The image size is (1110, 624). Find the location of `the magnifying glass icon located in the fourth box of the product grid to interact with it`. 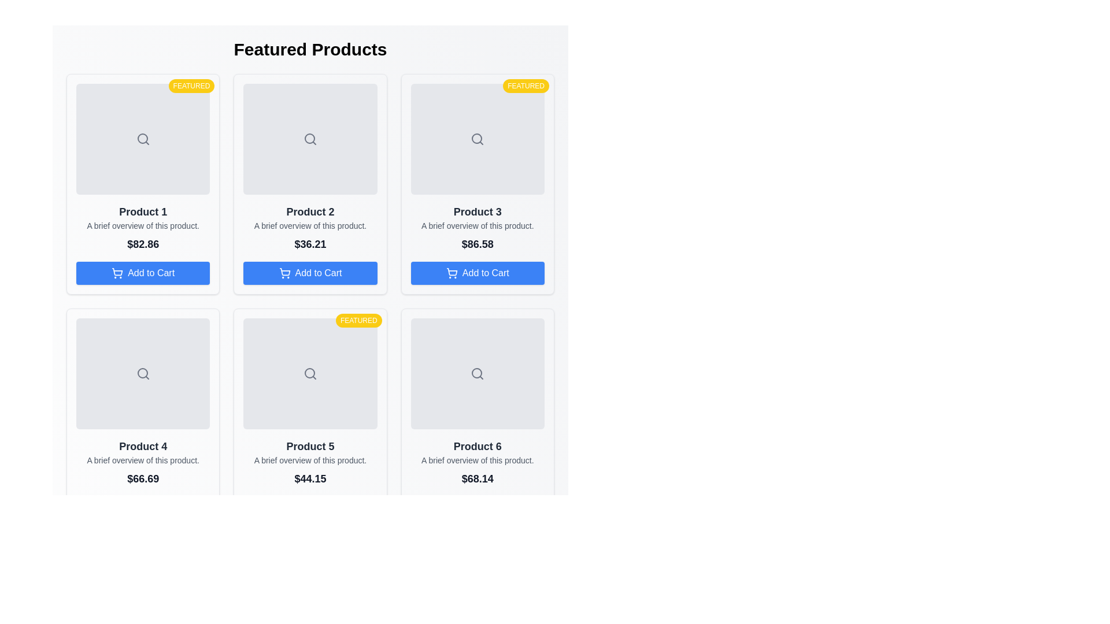

the magnifying glass icon located in the fourth box of the product grid to interact with it is located at coordinates (142, 374).